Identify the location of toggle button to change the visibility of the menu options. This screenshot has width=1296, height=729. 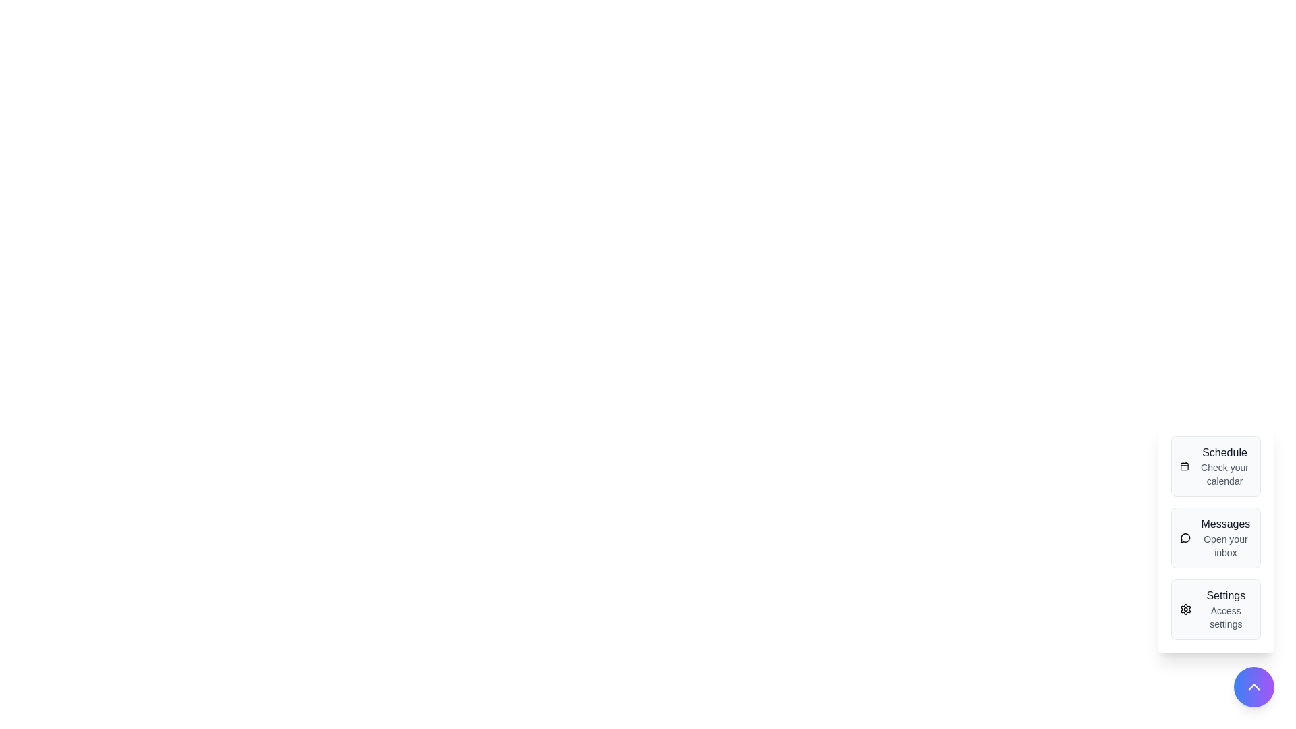
(1253, 687).